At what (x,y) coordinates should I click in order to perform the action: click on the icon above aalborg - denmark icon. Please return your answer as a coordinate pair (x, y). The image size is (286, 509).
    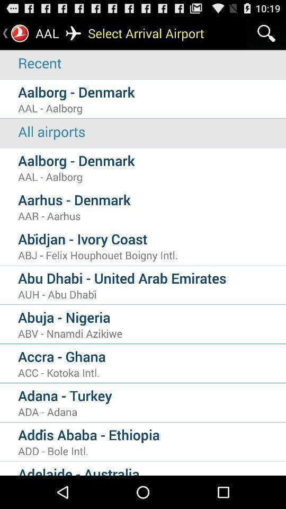
    Looking at the image, I should click on (151, 131).